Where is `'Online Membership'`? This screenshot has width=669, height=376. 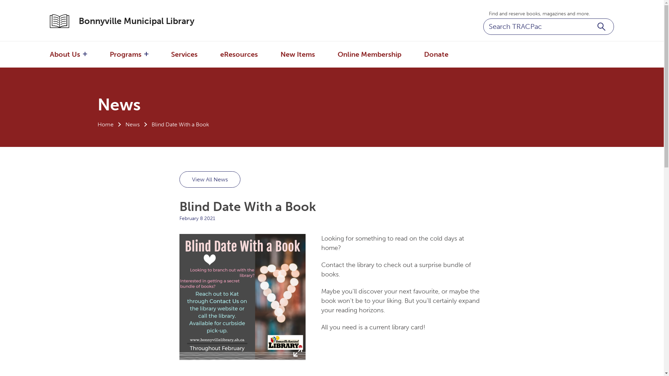
'Online Membership' is located at coordinates (369, 54).